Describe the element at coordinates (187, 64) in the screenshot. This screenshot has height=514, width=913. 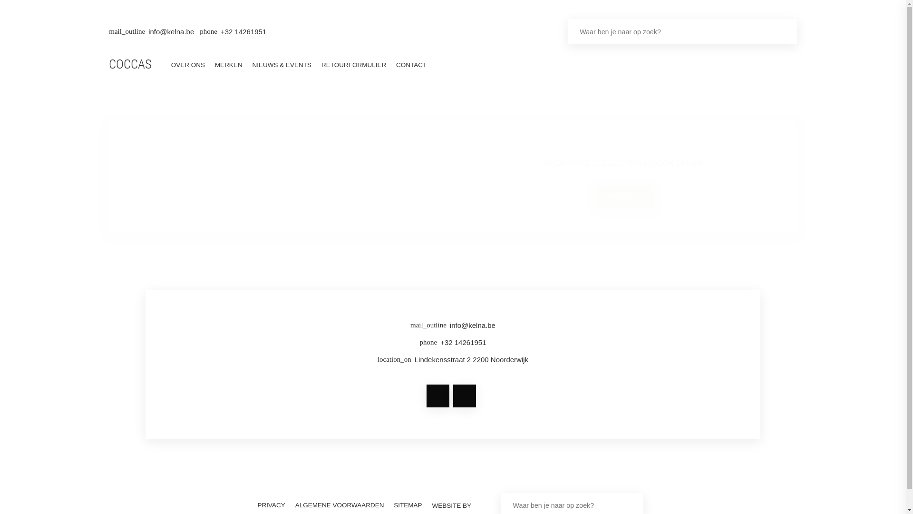
I see `'OVER ONS'` at that location.